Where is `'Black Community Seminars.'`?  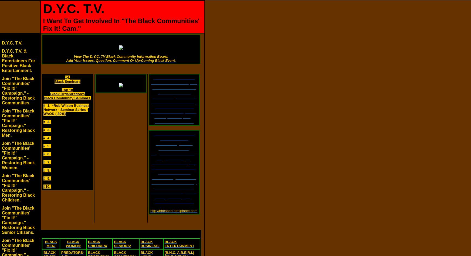
'Black Community Seminars.' is located at coordinates (43, 98).